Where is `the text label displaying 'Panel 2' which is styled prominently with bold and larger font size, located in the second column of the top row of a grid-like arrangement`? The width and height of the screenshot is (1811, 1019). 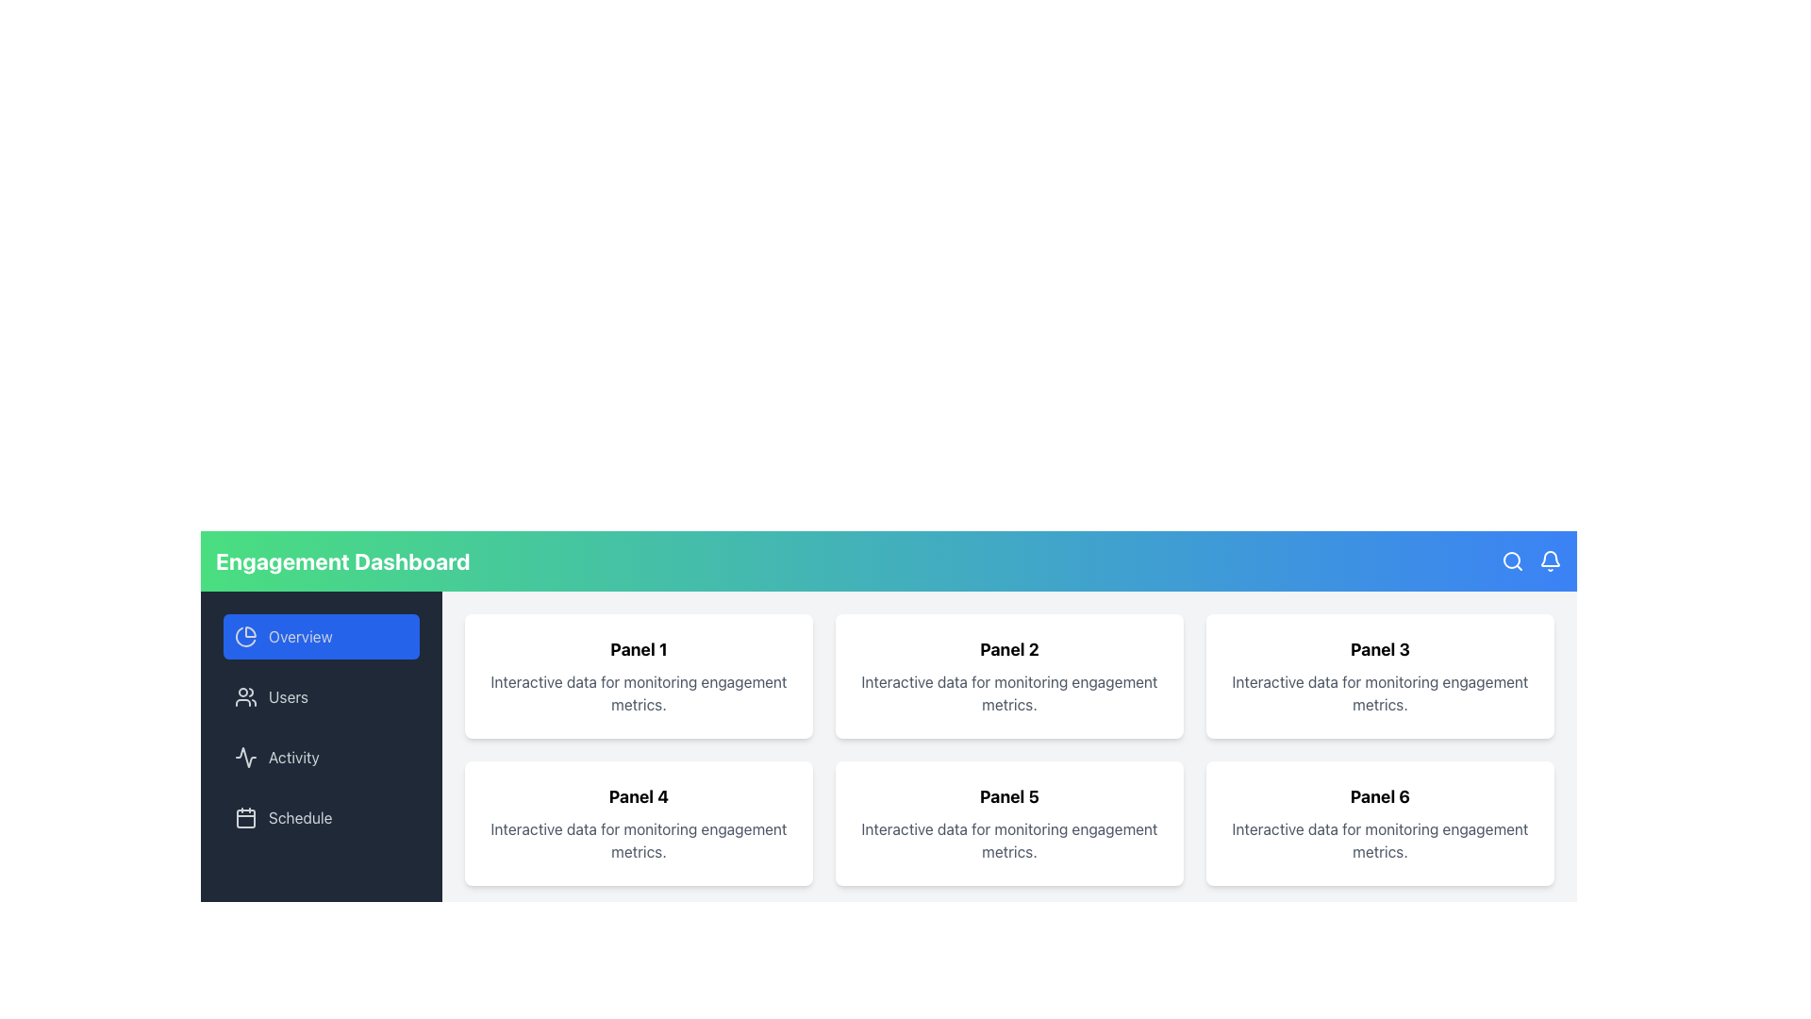
the text label displaying 'Panel 2' which is styled prominently with bold and larger font size, located in the second column of the top row of a grid-like arrangement is located at coordinates (1008, 649).